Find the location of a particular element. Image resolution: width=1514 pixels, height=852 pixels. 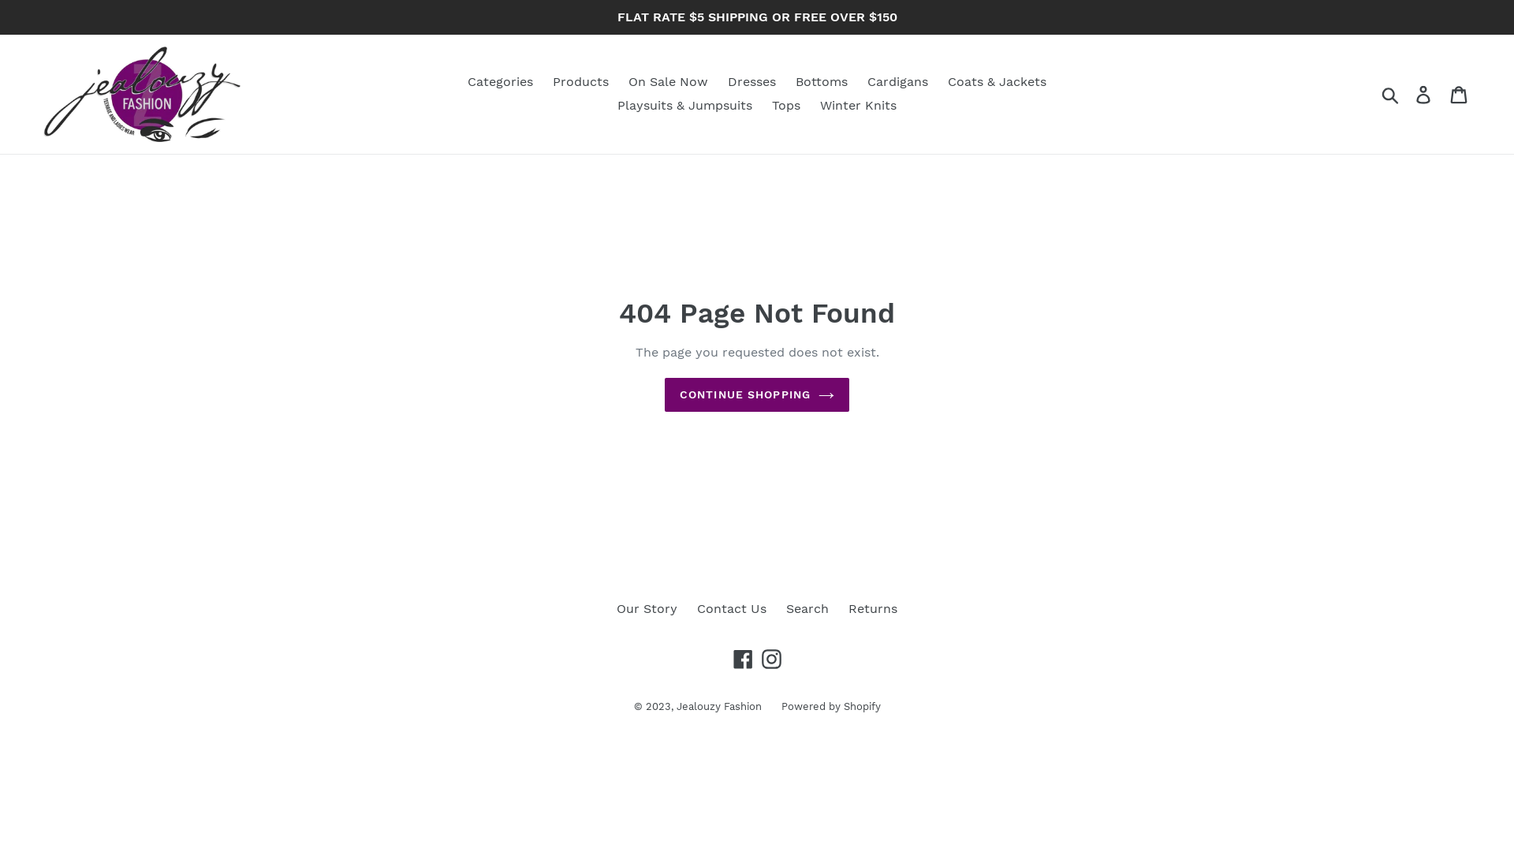

'Playsuits & Jumpsuits' is located at coordinates (608, 106).